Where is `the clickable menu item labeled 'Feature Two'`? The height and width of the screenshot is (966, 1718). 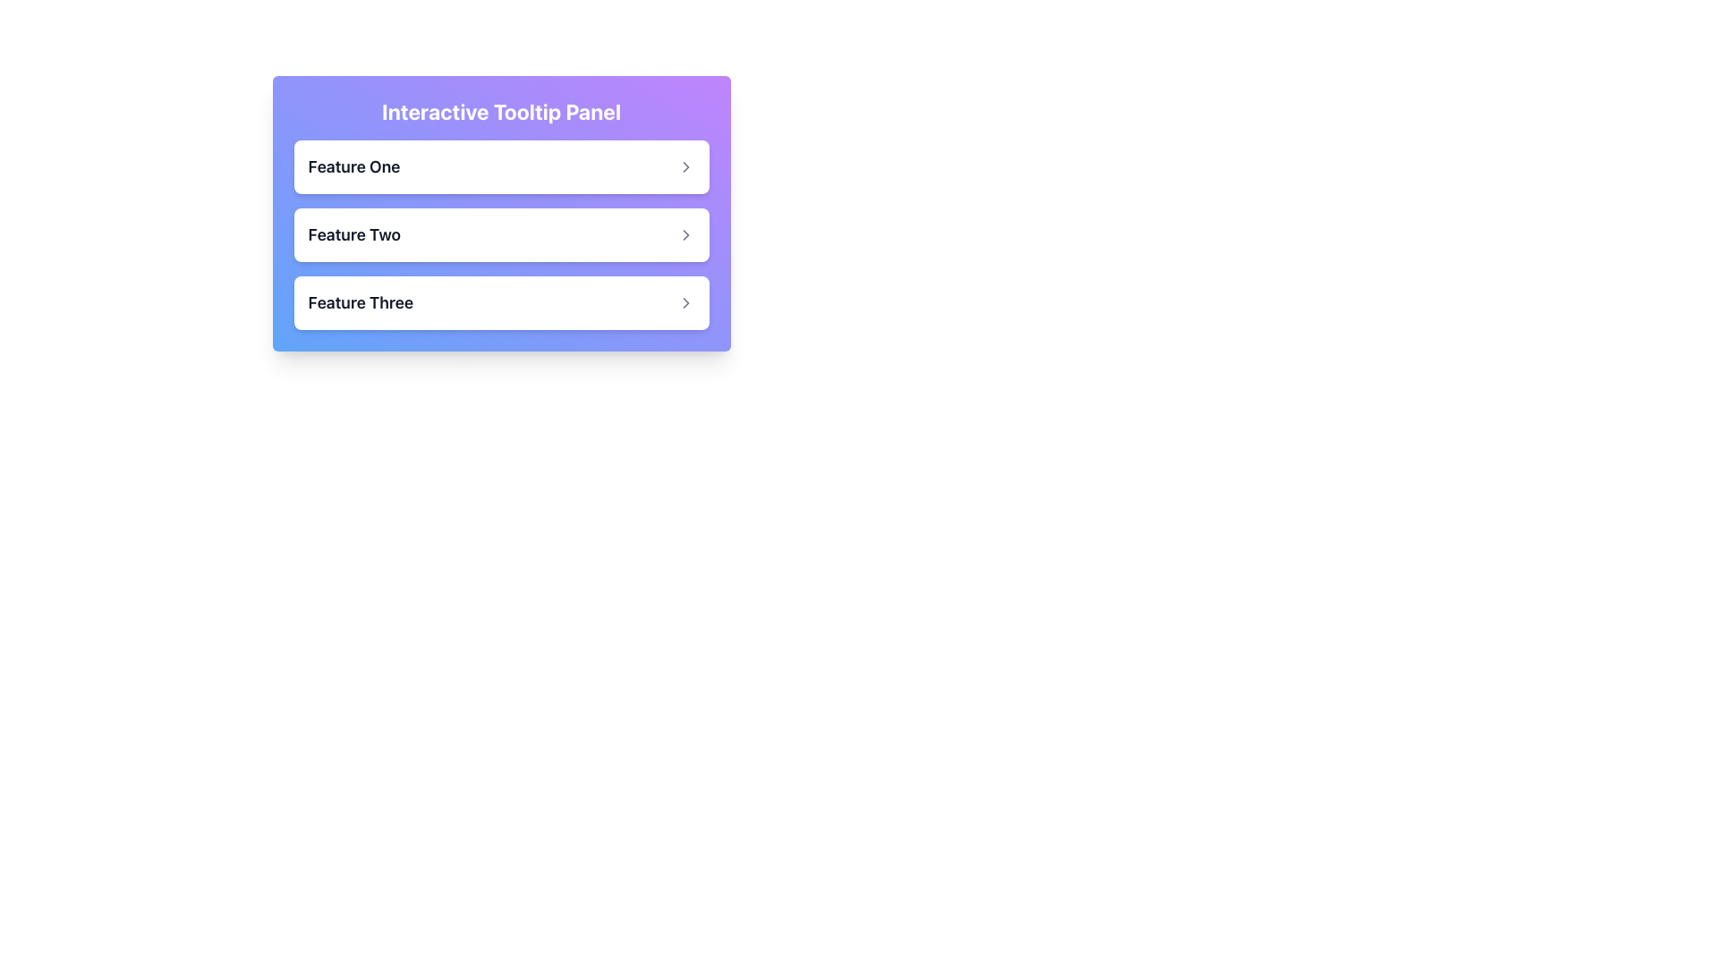 the clickable menu item labeled 'Feature Two' is located at coordinates (501, 233).